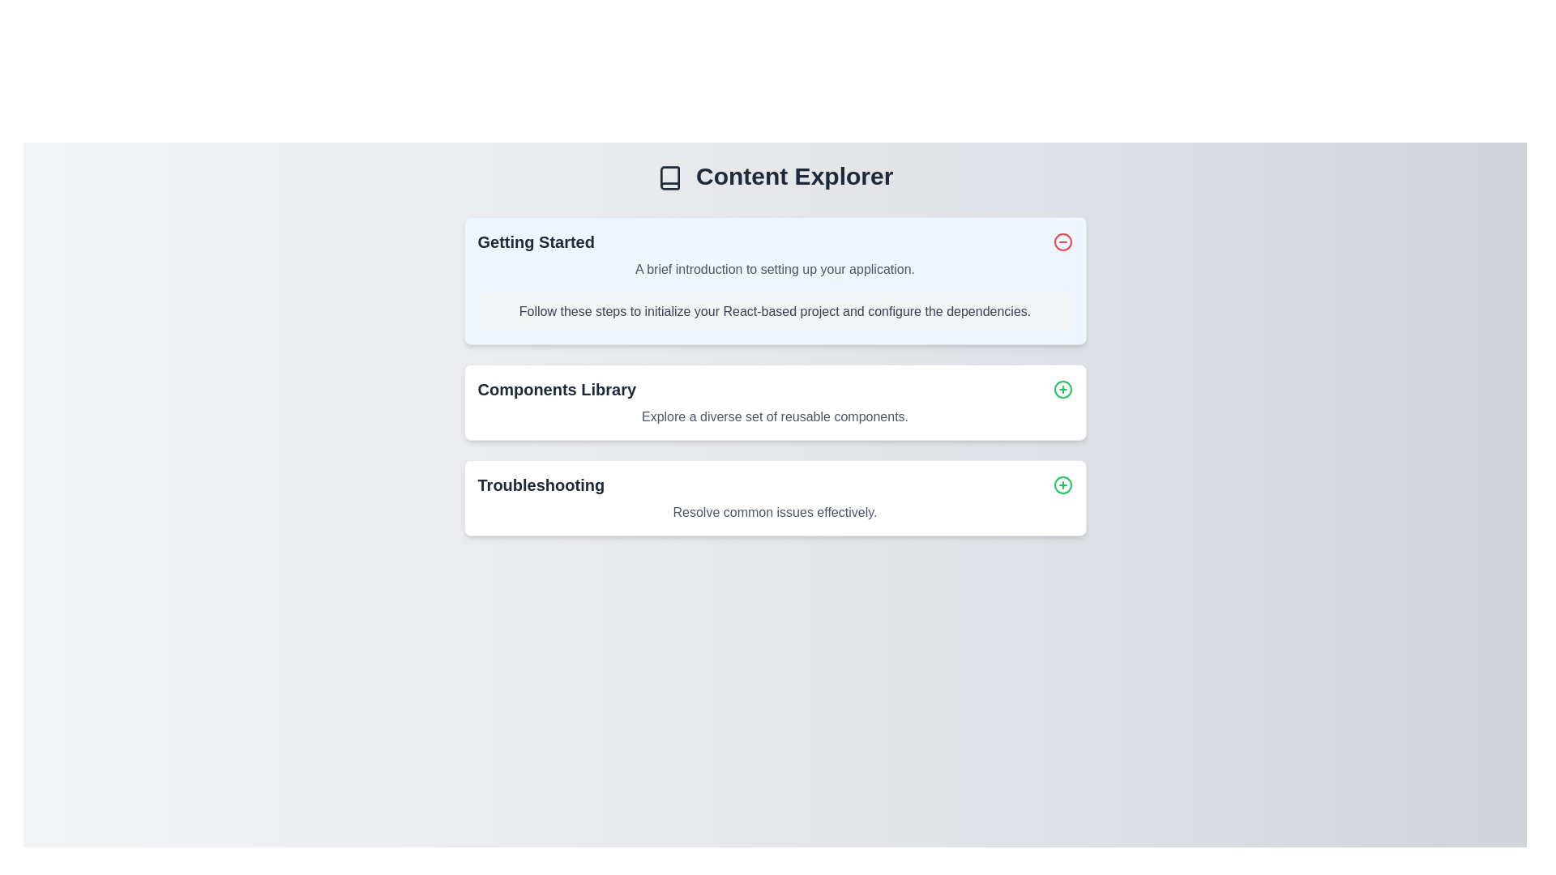 The width and height of the screenshot is (1556, 875). What do you see at coordinates (1062, 390) in the screenshot?
I see `the inner circular shape of the green plus icon located on the right side of the middle row labeled 'Components Library'` at bounding box center [1062, 390].